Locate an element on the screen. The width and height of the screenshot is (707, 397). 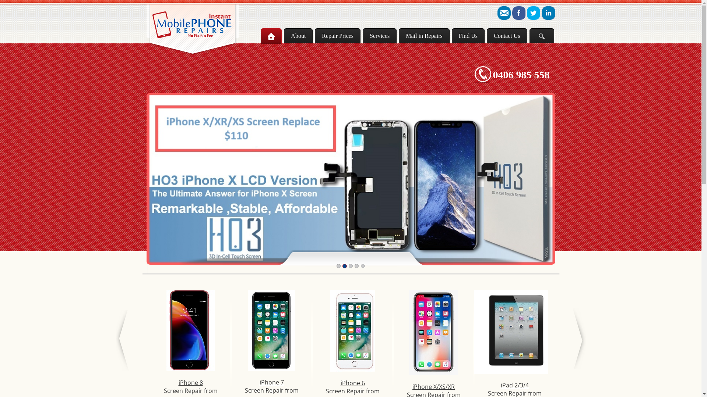
'Mail in Repairs' is located at coordinates (398, 36).